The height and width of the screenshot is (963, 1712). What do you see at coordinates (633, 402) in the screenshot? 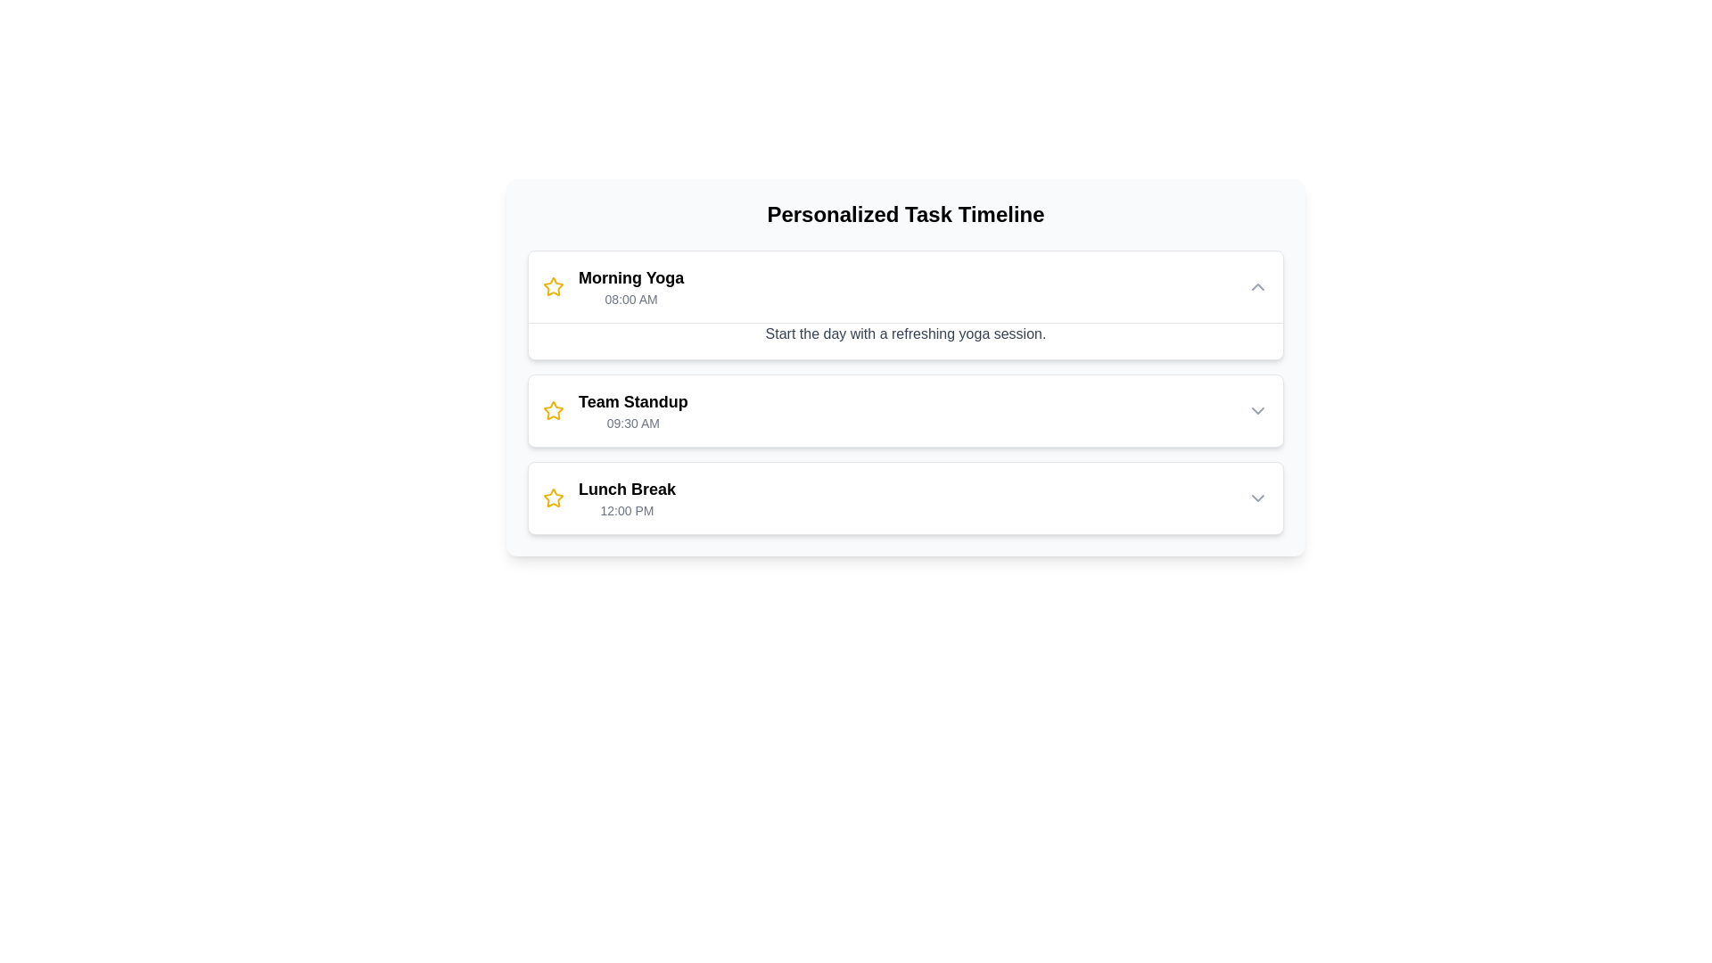
I see `the stylized text 'Team Standup' which is the second item in the task timeline interface, located between 'Morning Yoga' and 'Lunch Break'` at bounding box center [633, 402].